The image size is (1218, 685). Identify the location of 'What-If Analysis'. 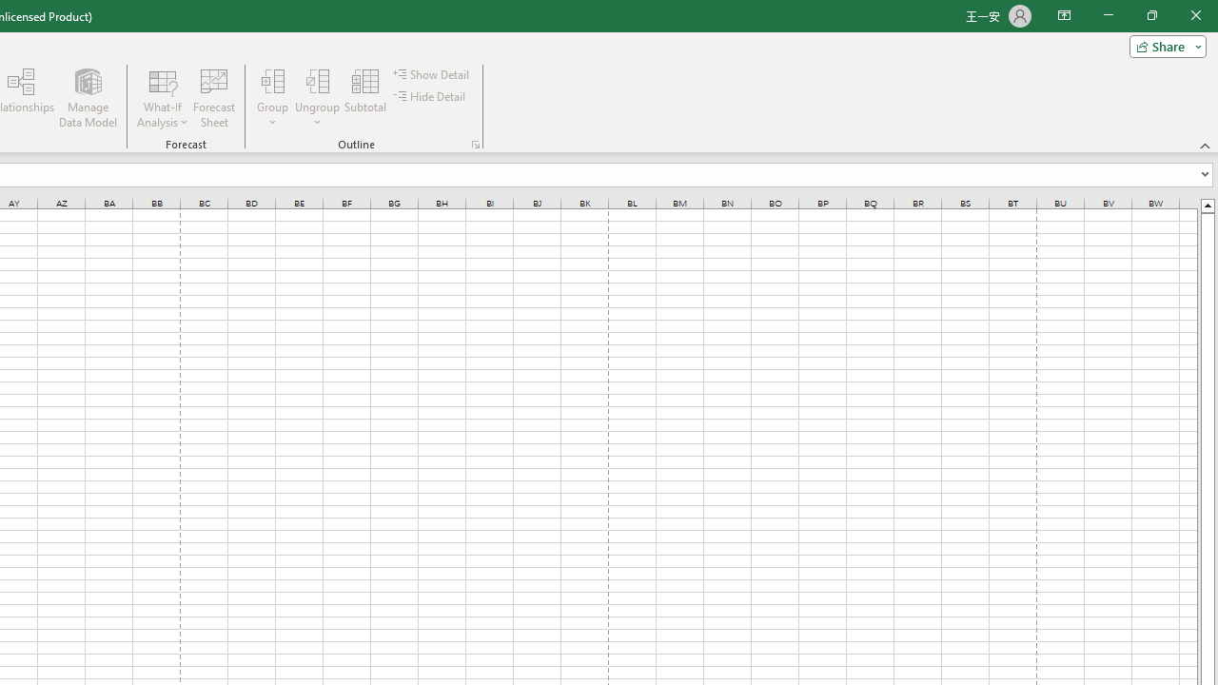
(163, 98).